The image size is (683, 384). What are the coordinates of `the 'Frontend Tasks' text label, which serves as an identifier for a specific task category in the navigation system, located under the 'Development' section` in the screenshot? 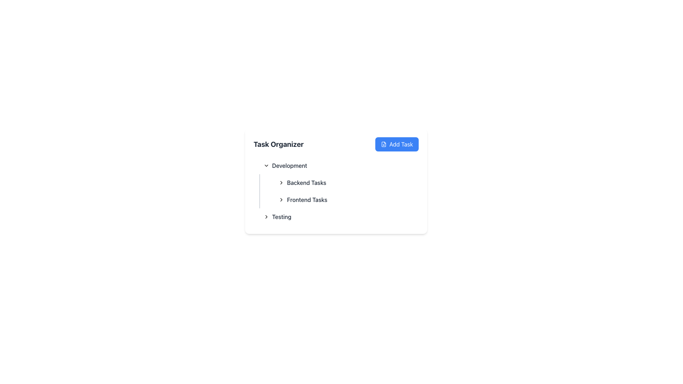 It's located at (307, 200).